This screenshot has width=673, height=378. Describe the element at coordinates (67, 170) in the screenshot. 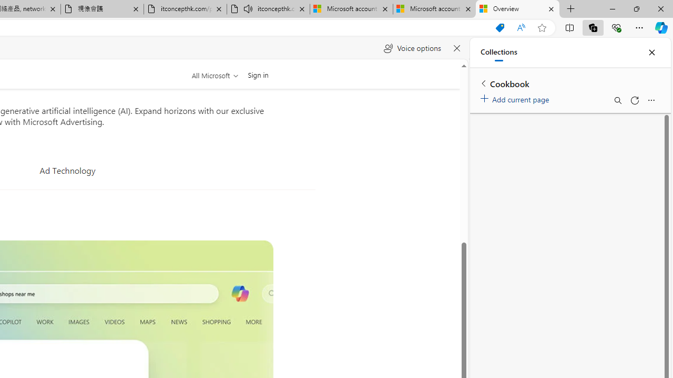

I see `'Ad Technology'` at that location.